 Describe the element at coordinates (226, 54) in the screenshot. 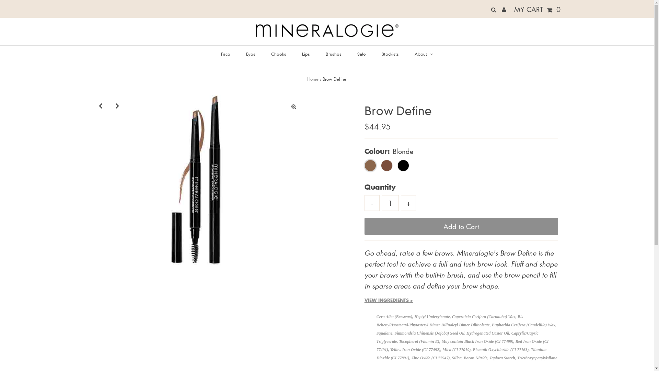

I see `'Face'` at that location.